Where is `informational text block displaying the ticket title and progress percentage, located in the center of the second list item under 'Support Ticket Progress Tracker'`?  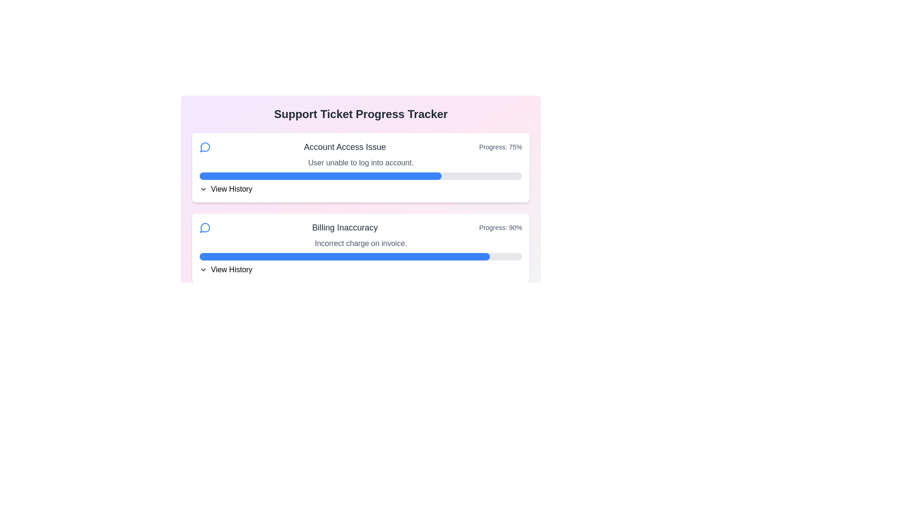 informational text block displaying the ticket title and progress percentage, located in the center of the second list item under 'Support Ticket Progress Tracker' is located at coordinates (360, 228).